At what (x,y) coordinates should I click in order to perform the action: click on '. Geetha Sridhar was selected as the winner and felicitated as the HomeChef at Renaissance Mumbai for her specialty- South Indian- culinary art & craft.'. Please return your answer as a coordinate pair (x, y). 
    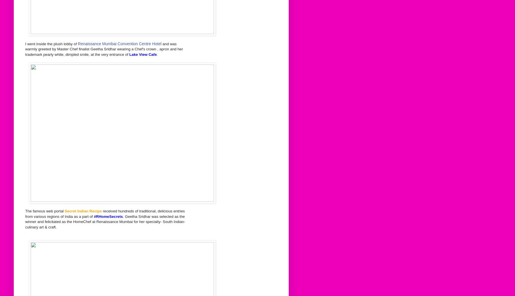
    Looking at the image, I should click on (105, 221).